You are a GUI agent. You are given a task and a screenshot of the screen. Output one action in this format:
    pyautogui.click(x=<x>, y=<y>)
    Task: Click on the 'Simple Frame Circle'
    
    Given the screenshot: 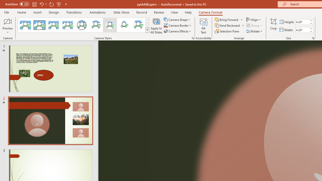 What is the action you would take?
    pyautogui.click(x=82, y=25)
    